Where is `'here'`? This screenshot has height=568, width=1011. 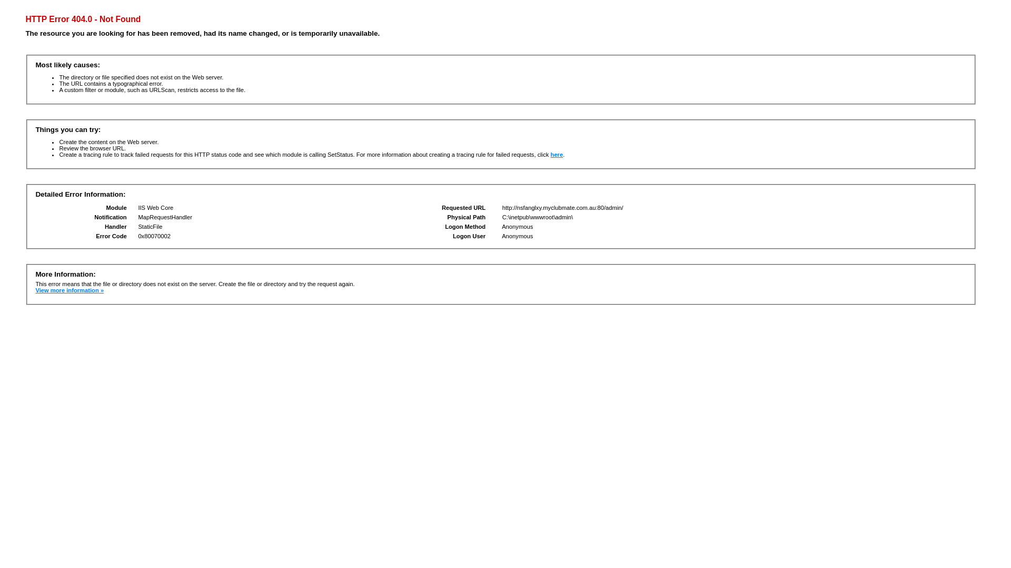 'here' is located at coordinates (556, 154).